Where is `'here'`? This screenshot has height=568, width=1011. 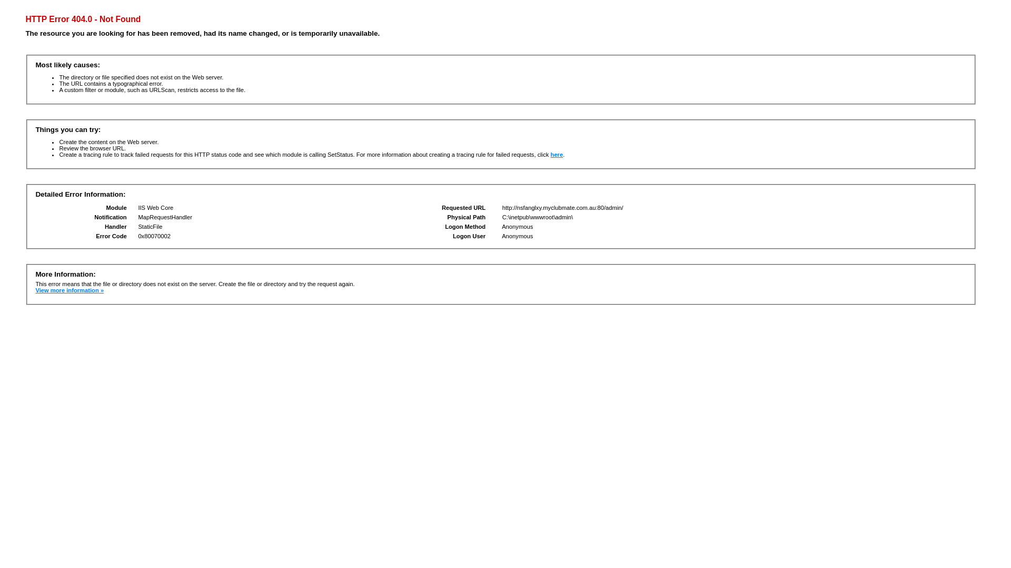 'here' is located at coordinates (556, 154).